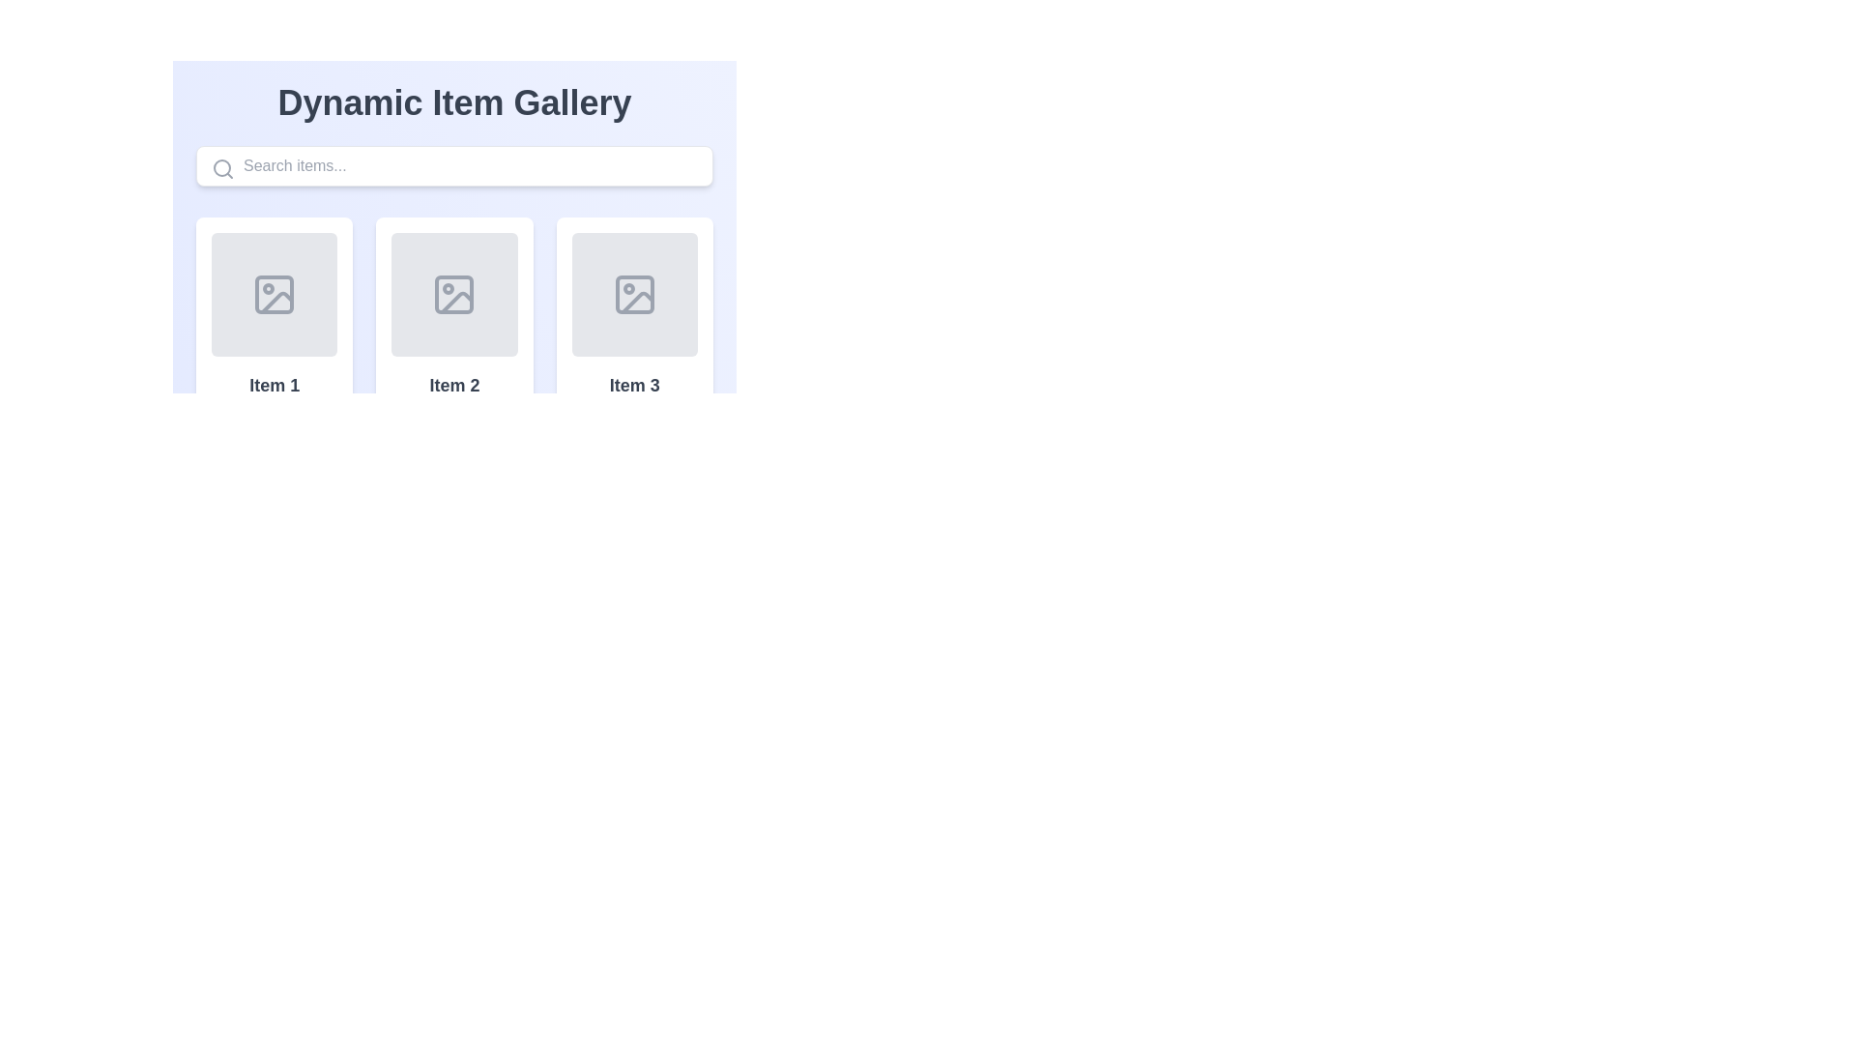 The image size is (1856, 1044). What do you see at coordinates (274, 294) in the screenshot?
I see `the icon representing an unpopulated image field in the first item card of the 'Dynamic Item Gallery'` at bounding box center [274, 294].